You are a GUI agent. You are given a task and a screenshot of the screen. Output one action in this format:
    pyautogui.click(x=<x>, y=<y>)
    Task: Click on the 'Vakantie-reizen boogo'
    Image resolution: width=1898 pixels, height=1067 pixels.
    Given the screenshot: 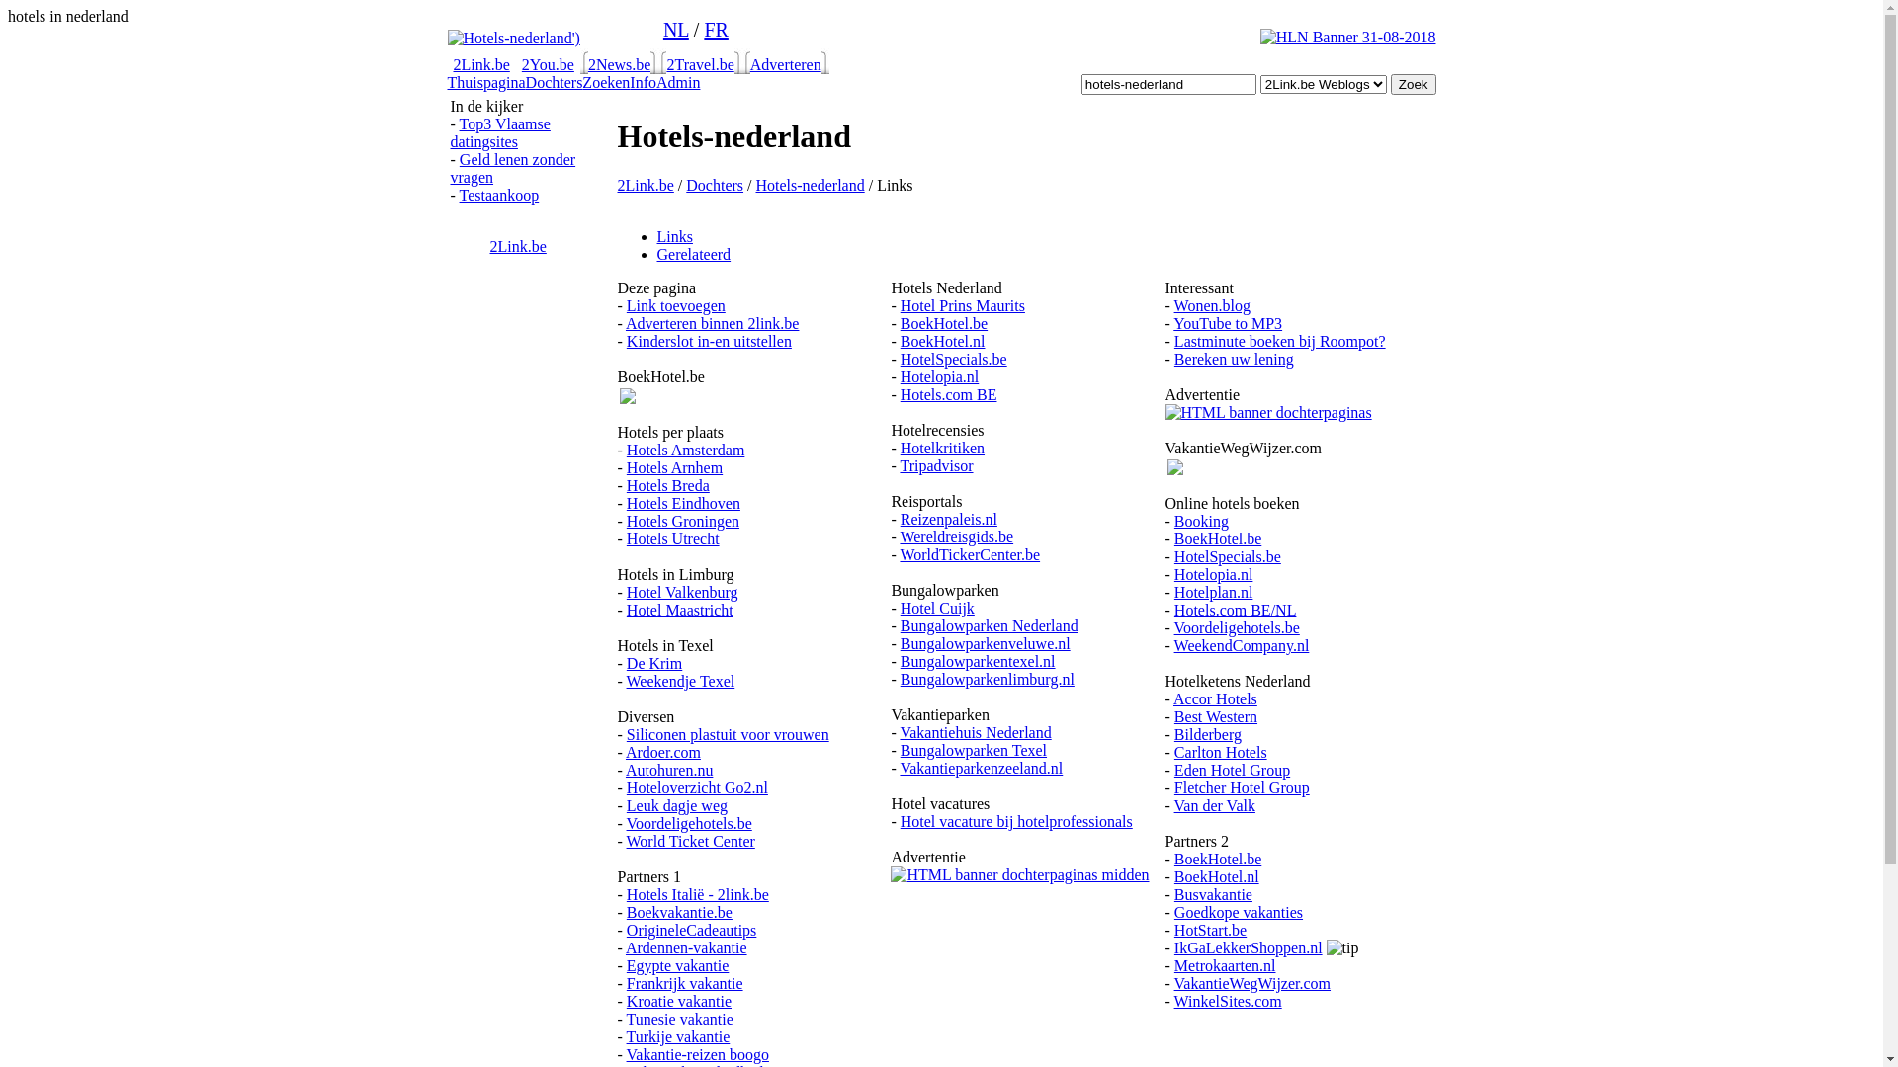 What is the action you would take?
    pyautogui.click(x=697, y=1053)
    